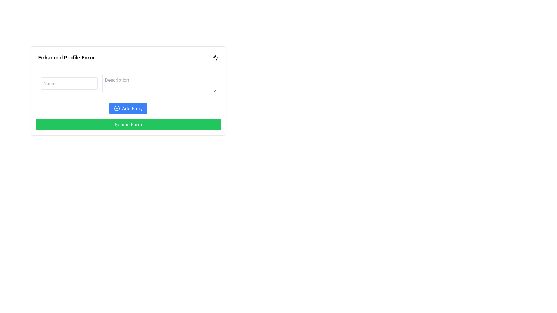  Describe the element at coordinates (116, 108) in the screenshot. I see `the circular '+' icon, which is part of the blue 'Add Entry' button positioned between the 'Name' and 'Description' fields and above the green 'Submit Form' button` at that location.